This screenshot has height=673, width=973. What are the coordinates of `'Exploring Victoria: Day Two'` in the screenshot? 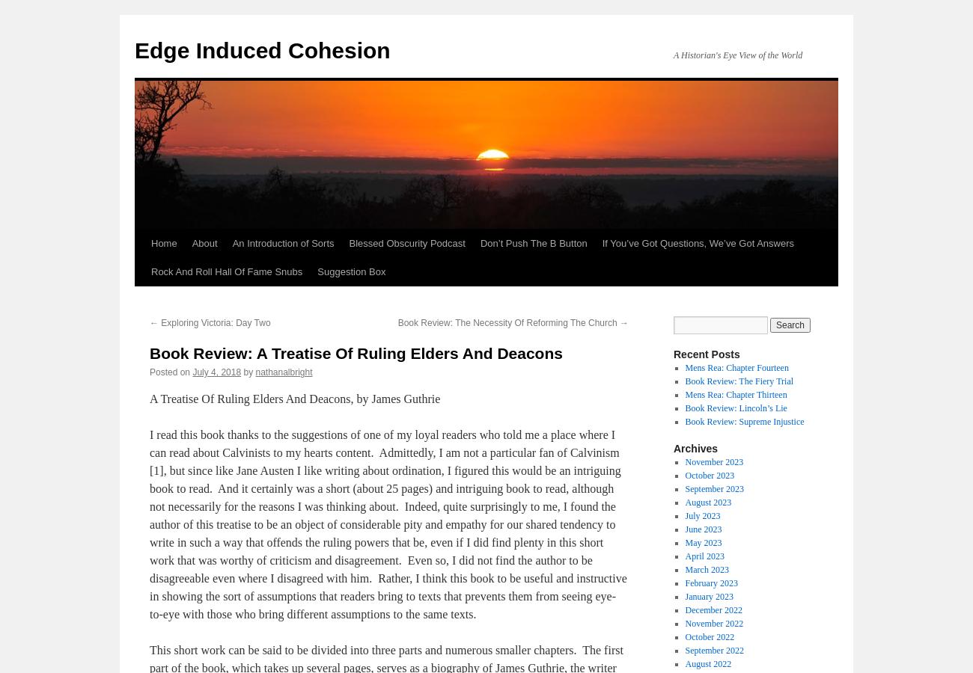 It's located at (214, 323).